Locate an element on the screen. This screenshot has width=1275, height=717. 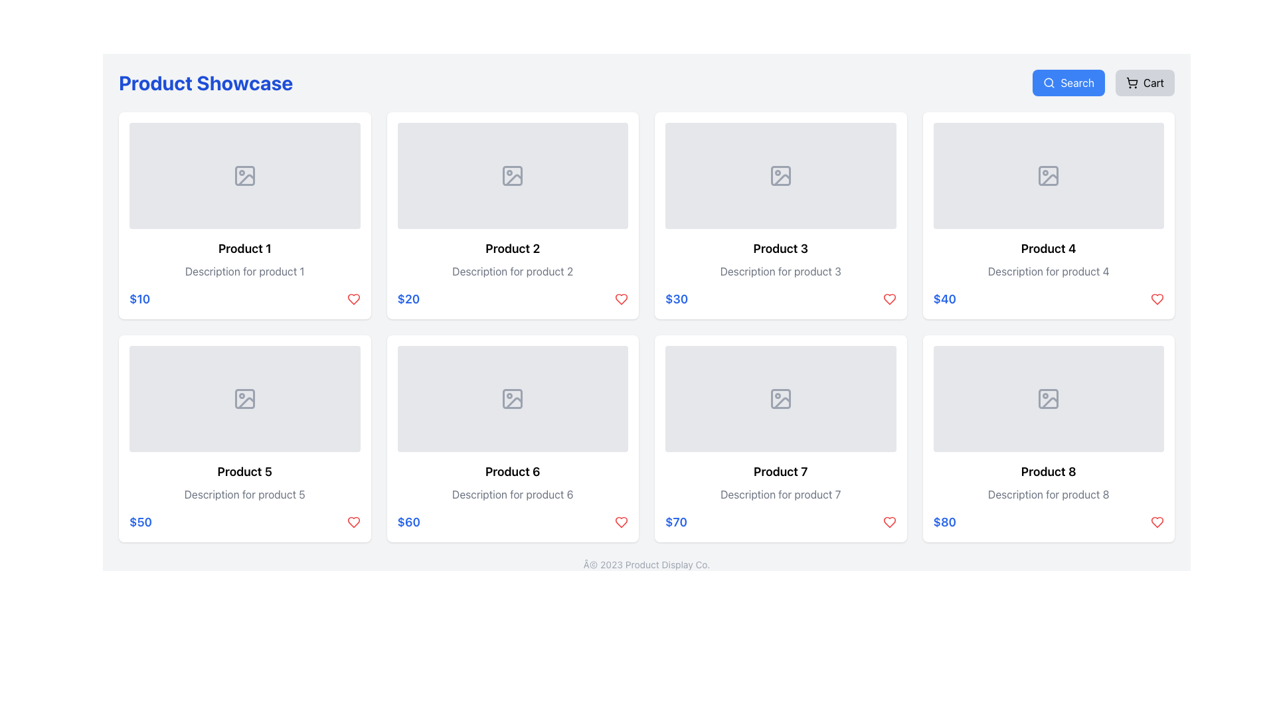
the heart icon located at the bottom-right corner of the 'Product 5' card is located at coordinates (353, 521).